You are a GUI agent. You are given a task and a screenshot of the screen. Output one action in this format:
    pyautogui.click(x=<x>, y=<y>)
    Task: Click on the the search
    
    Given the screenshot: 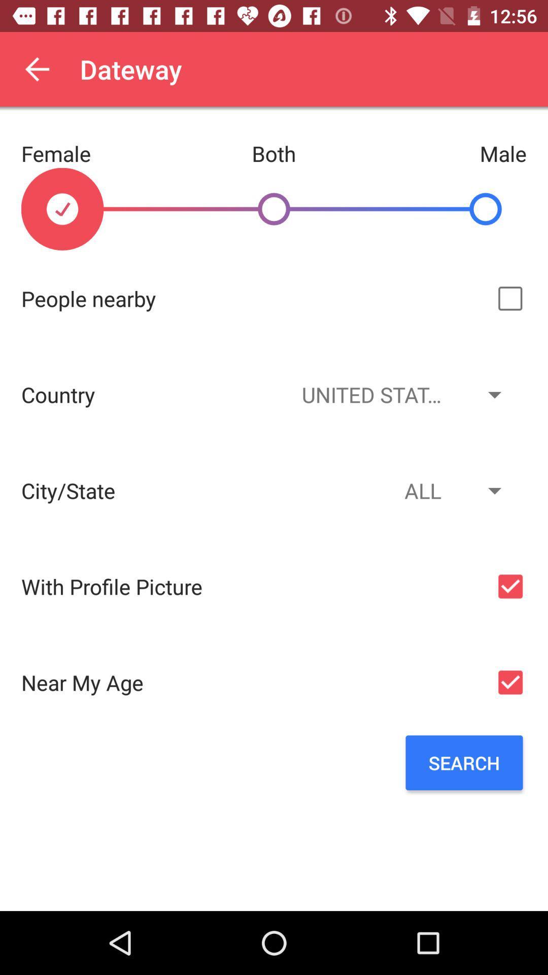 What is the action you would take?
    pyautogui.click(x=464, y=763)
    